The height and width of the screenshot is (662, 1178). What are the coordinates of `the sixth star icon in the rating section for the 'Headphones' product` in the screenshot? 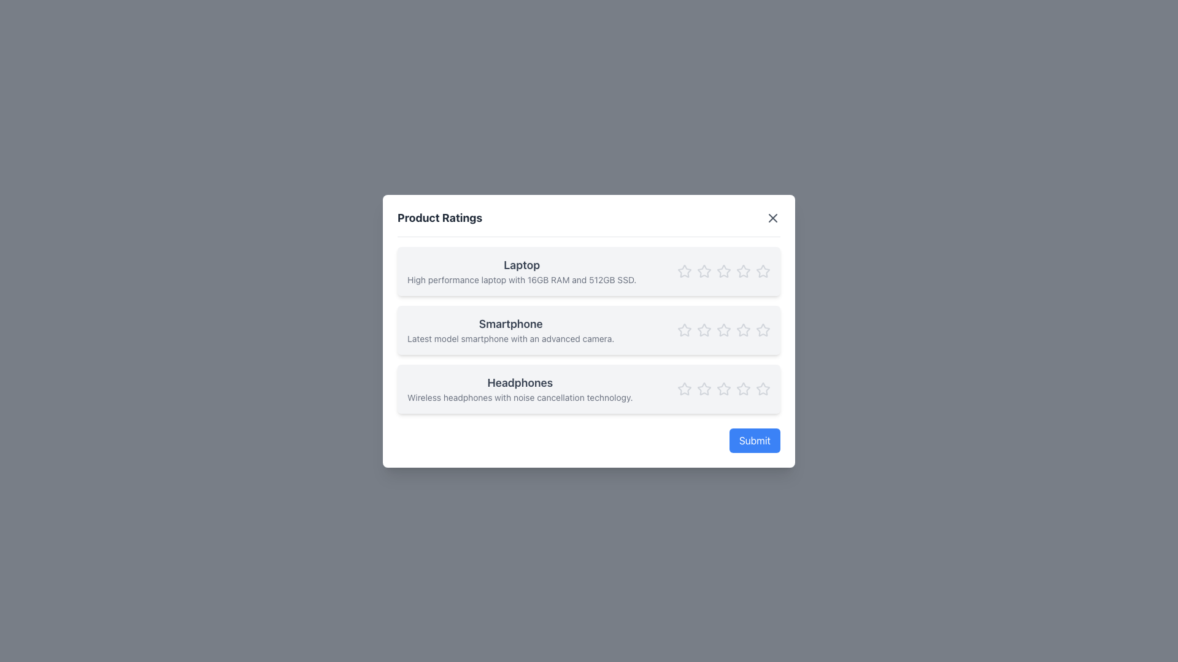 It's located at (742, 388).